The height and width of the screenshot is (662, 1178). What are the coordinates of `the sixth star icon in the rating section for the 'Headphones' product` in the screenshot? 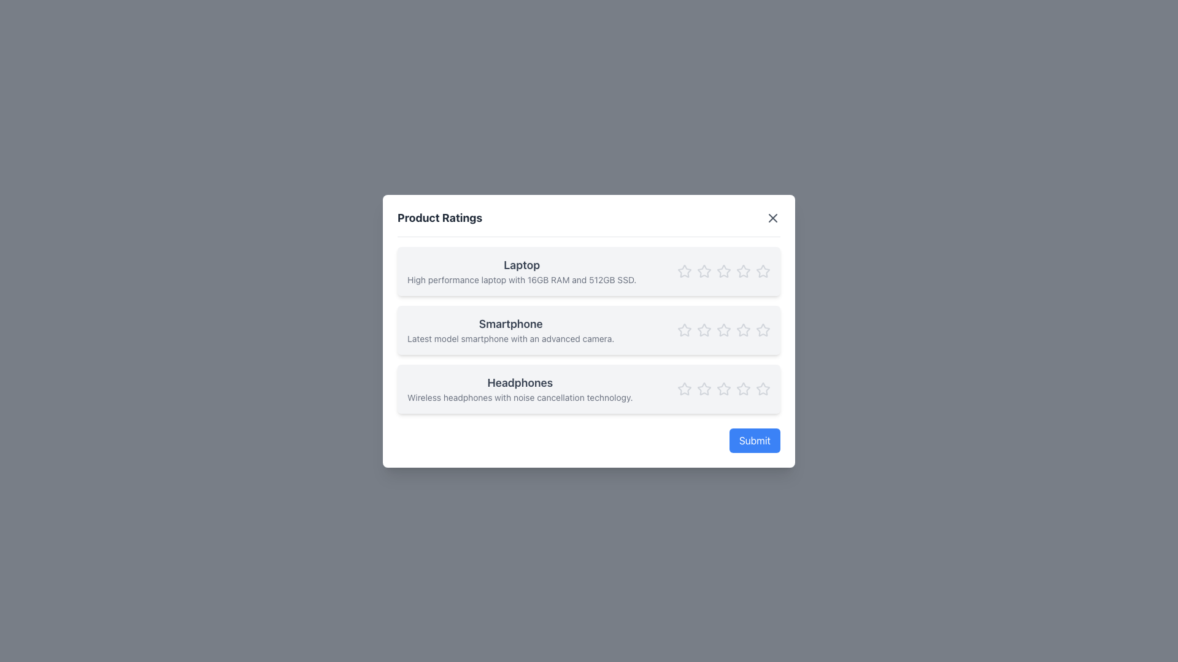 It's located at (742, 388).